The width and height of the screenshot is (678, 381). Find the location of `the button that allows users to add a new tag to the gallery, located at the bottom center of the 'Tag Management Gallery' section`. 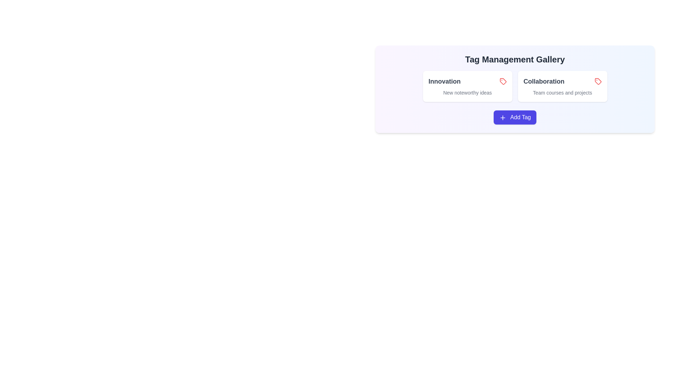

the button that allows users to add a new tag to the gallery, located at the bottom center of the 'Tag Management Gallery' section is located at coordinates (515, 117).